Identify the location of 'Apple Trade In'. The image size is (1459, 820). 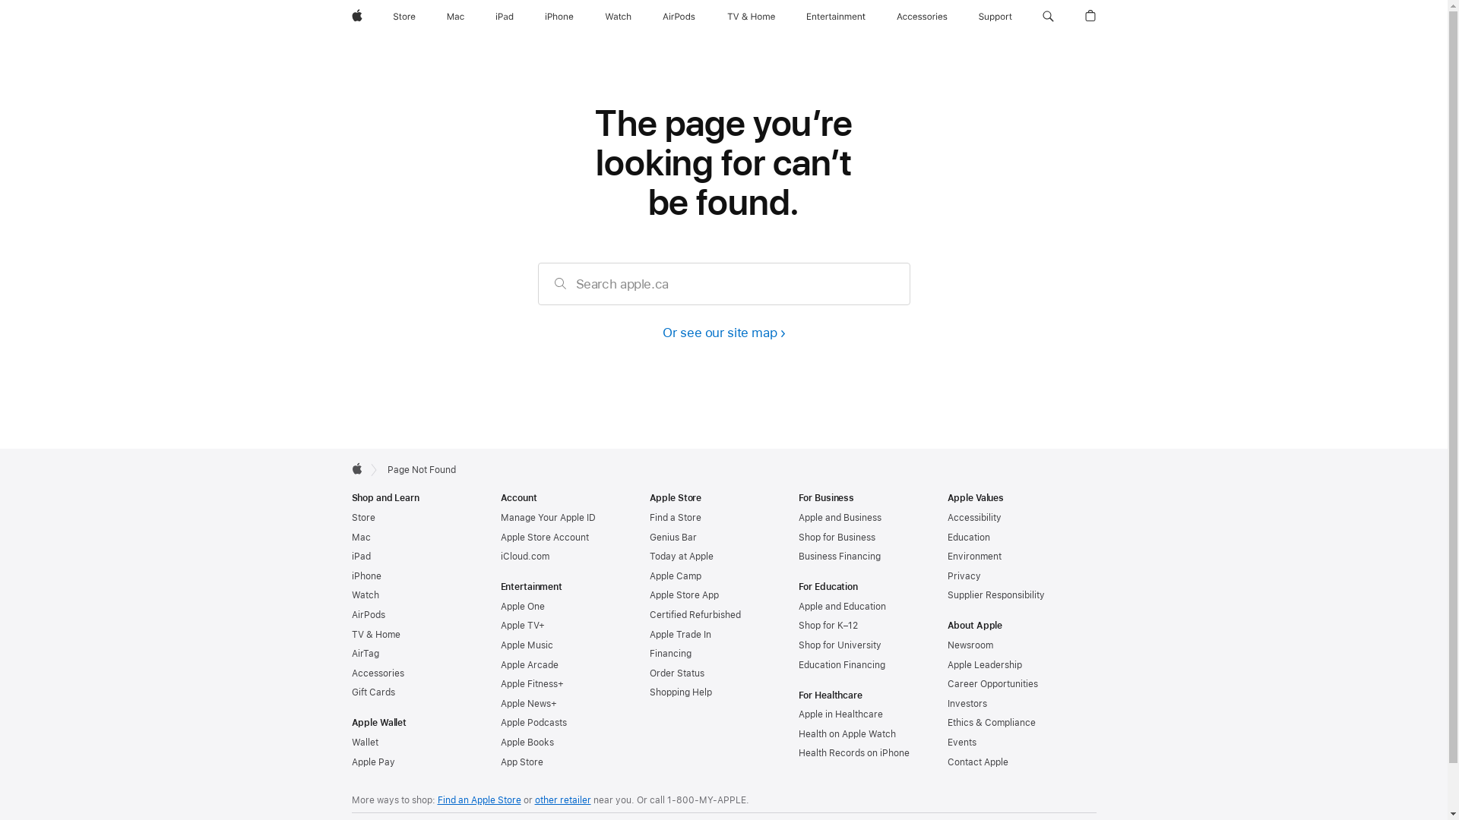
(679, 635).